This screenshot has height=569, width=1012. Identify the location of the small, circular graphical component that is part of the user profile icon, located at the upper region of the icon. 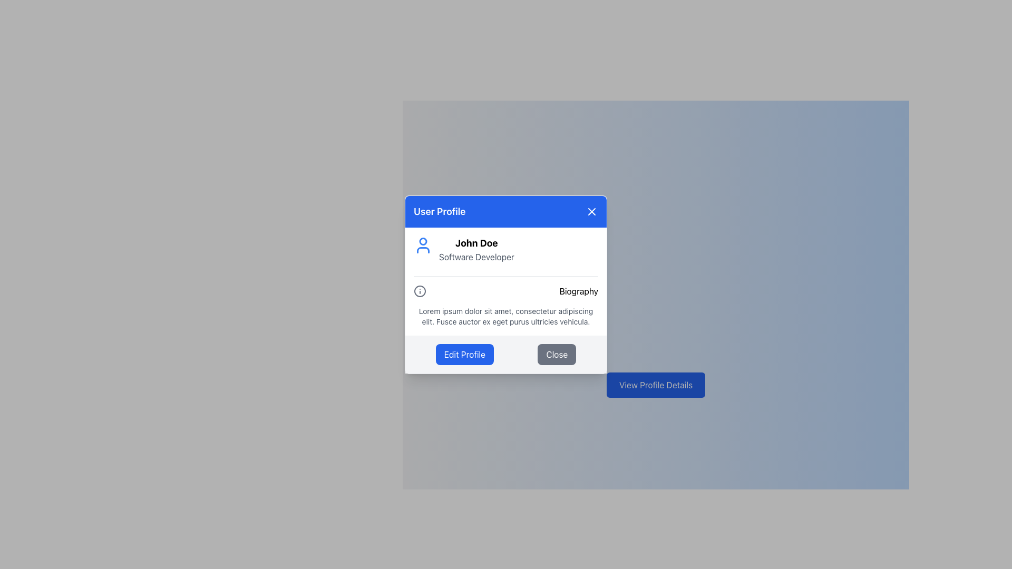
(423, 241).